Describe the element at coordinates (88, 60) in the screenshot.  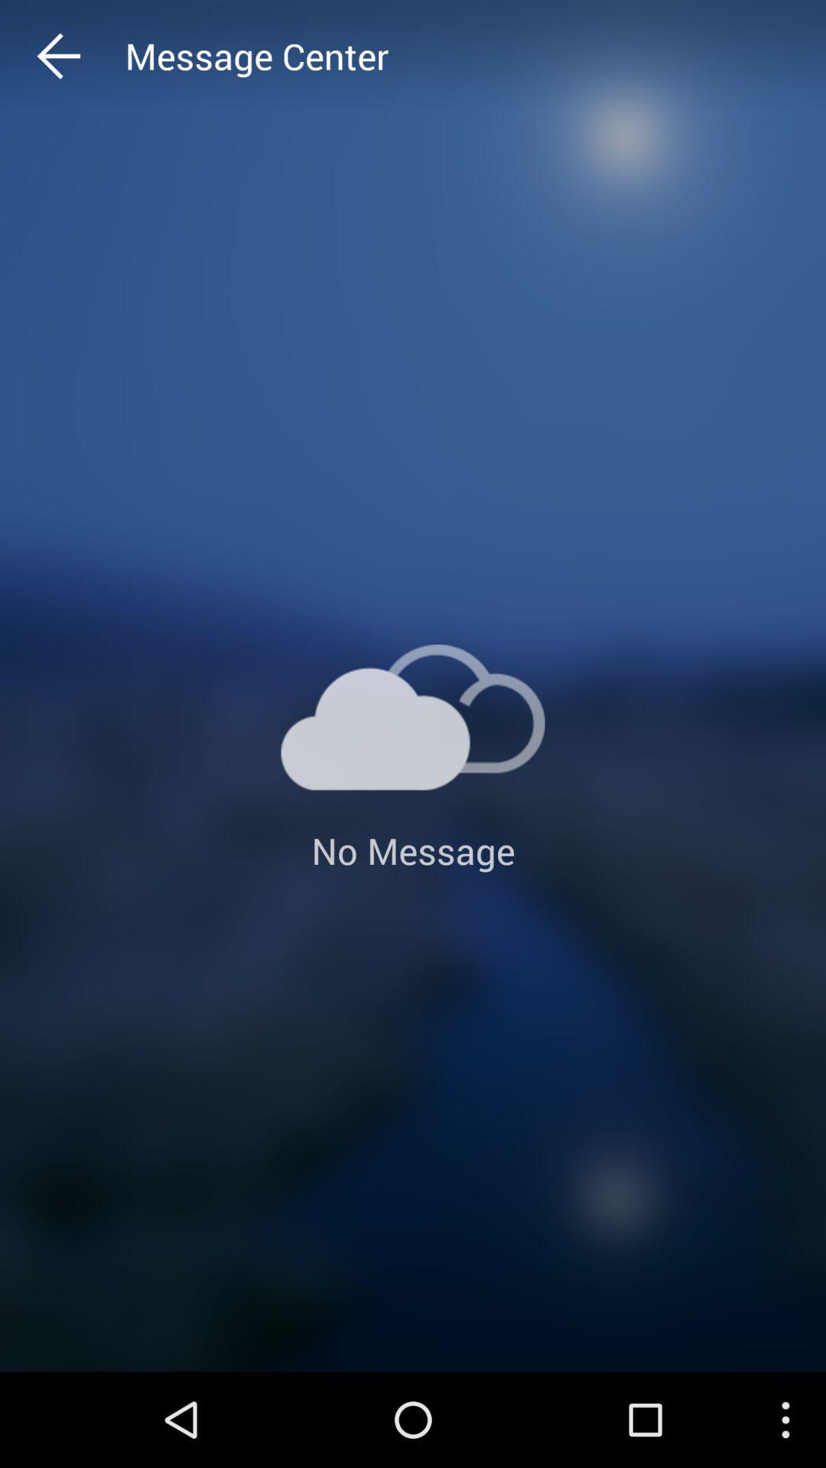
I see `the arrow_backward icon` at that location.